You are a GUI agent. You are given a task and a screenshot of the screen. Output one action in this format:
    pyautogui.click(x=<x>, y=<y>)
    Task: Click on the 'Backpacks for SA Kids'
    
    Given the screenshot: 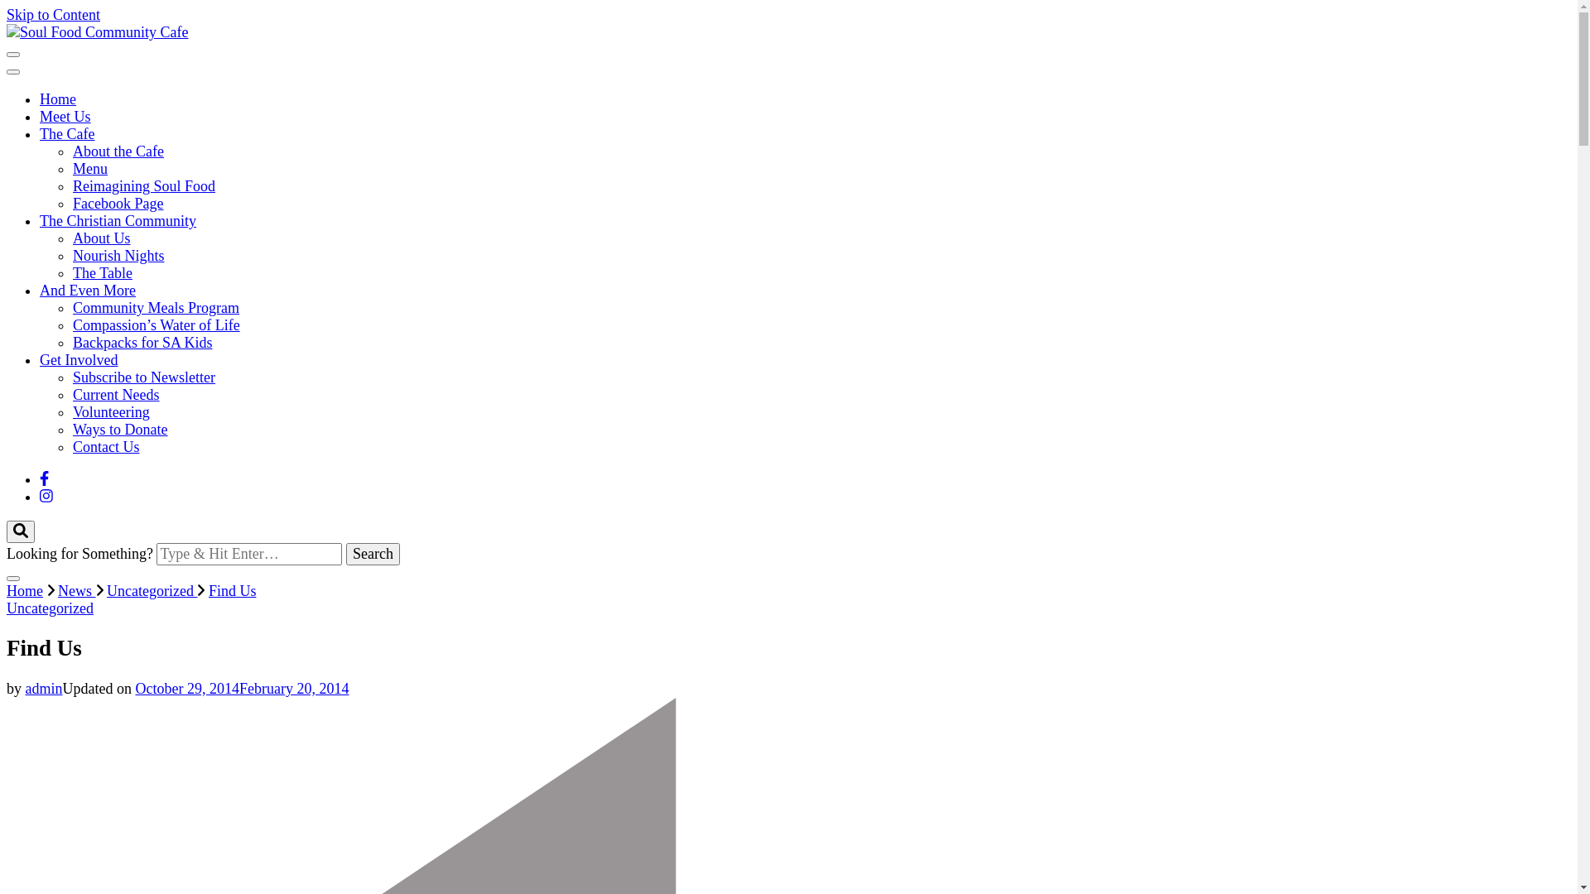 What is the action you would take?
    pyautogui.click(x=142, y=341)
    